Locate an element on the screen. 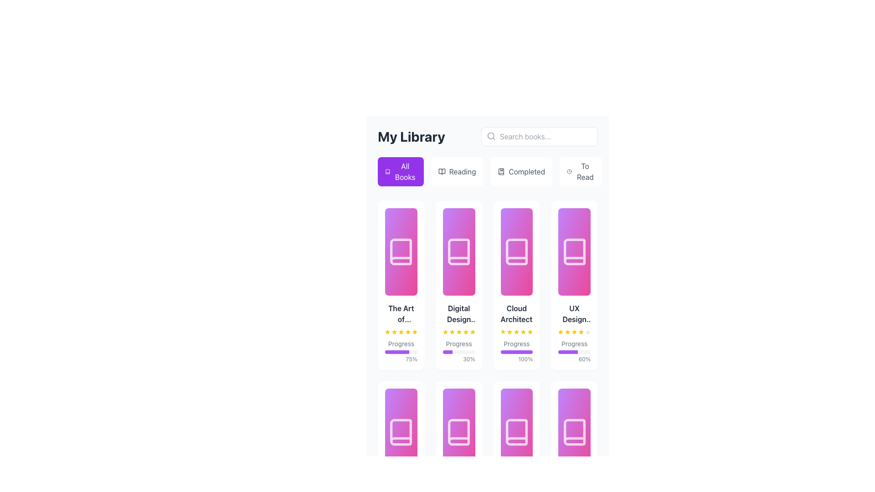 The height and width of the screenshot is (492, 875). the Text Label that indicates the purpose of the visual progress bar in the third card of the 'My Library' section is located at coordinates (516, 344).